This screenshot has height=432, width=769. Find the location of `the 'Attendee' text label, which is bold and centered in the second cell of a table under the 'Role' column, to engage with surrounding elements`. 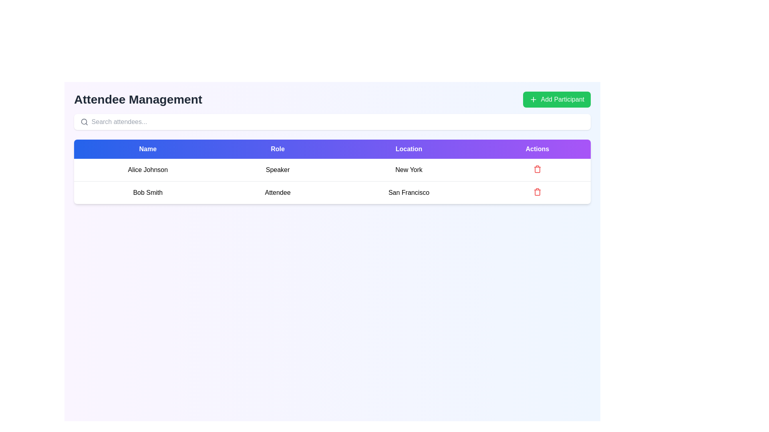

the 'Attendee' text label, which is bold and centered in the second cell of a table under the 'Role' column, to engage with surrounding elements is located at coordinates (278, 192).